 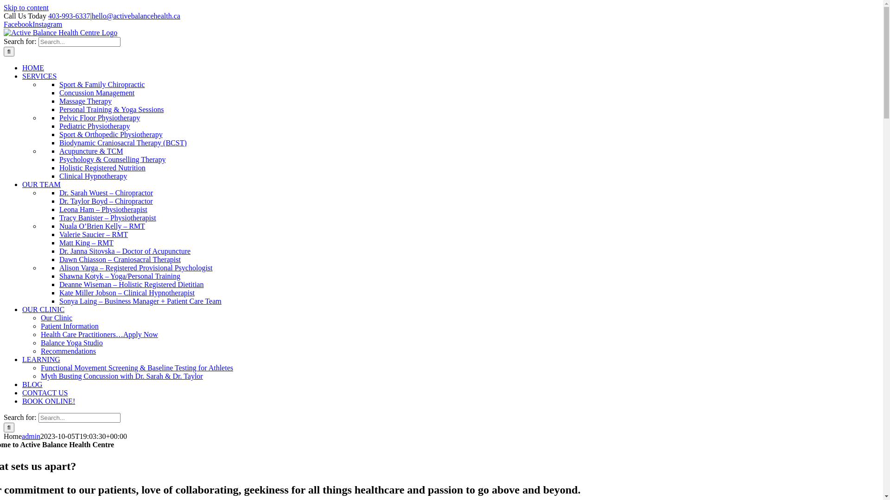 I want to click on 'hello@activebalancehealth.ca', so click(x=135, y=16).